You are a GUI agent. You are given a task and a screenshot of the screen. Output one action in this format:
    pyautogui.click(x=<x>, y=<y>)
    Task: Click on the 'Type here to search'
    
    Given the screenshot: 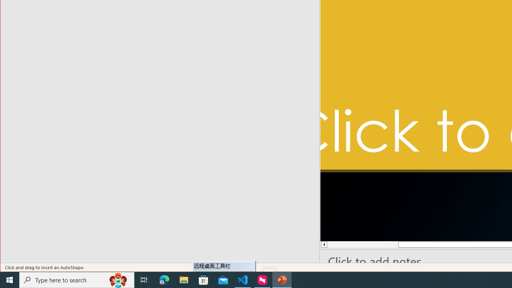 What is the action you would take?
    pyautogui.click(x=77, y=279)
    